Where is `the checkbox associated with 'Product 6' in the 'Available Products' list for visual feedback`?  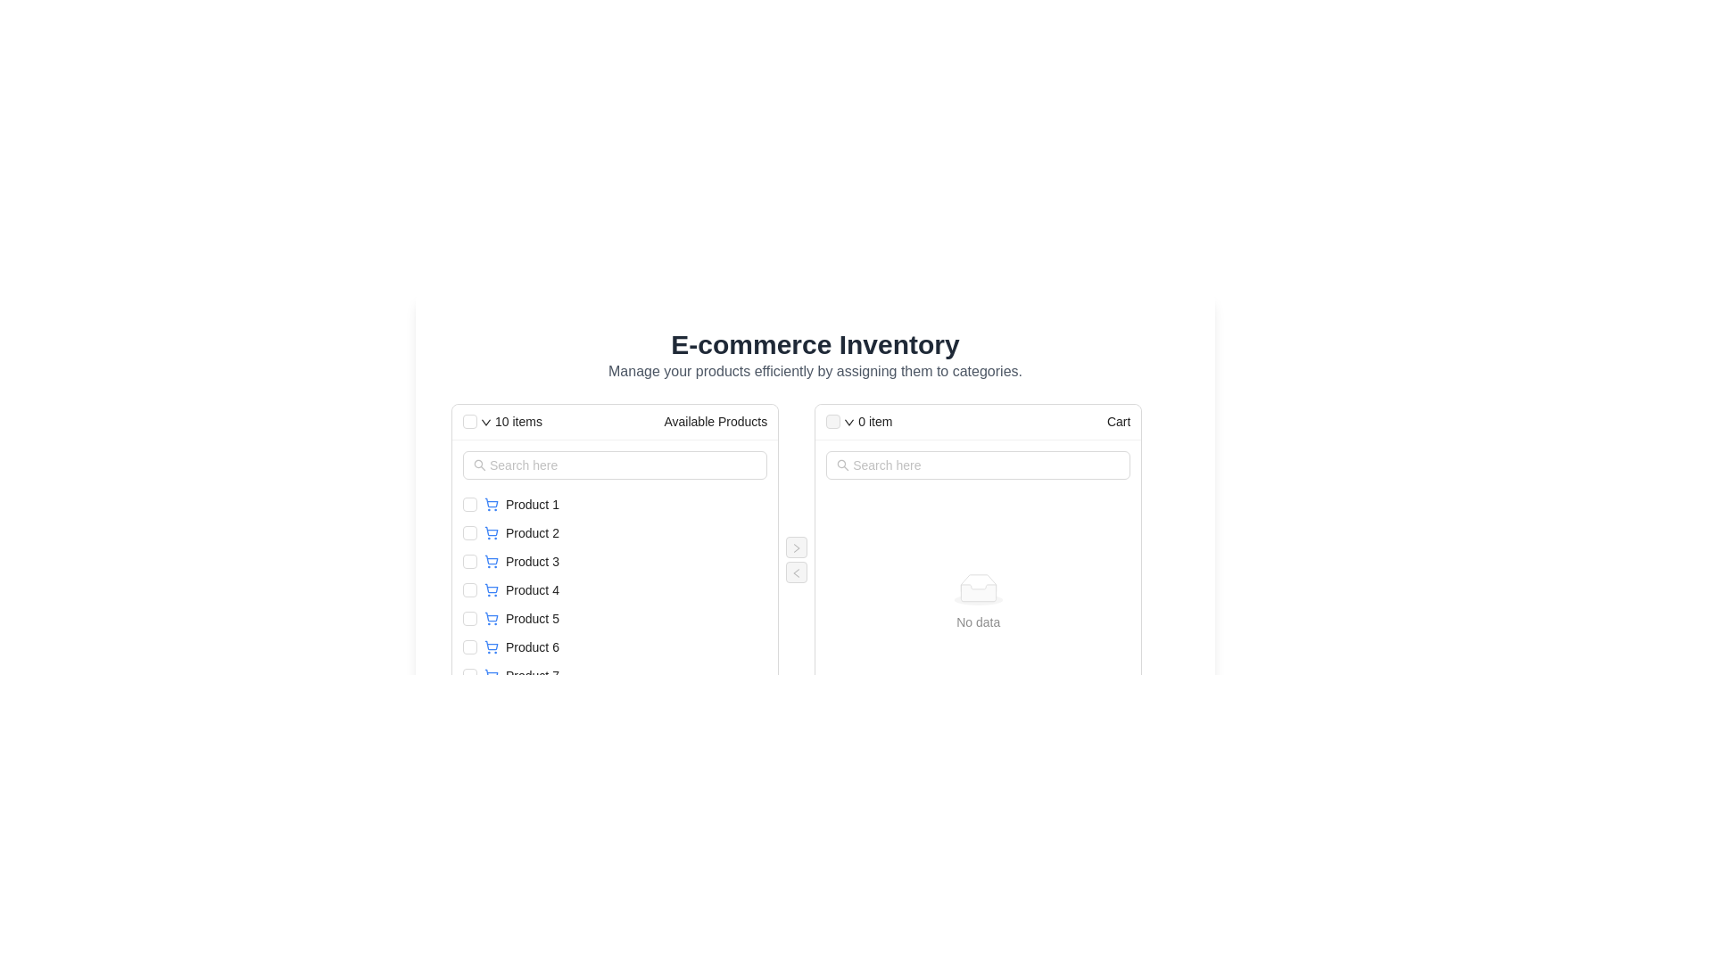
the checkbox associated with 'Product 6' in the 'Available Products' list for visual feedback is located at coordinates (470, 646).